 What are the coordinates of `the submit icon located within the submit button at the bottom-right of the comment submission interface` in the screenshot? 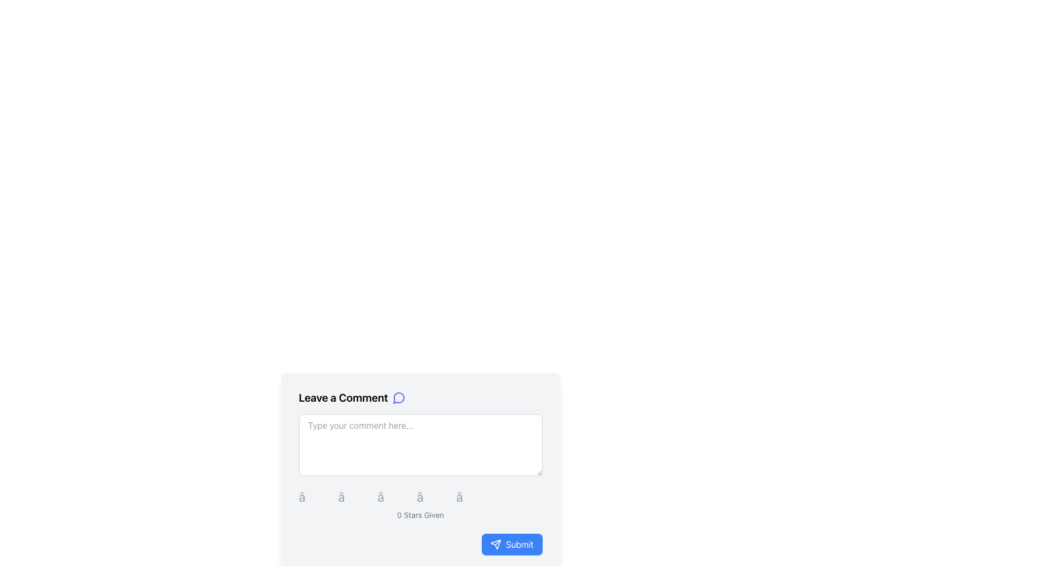 It's located at (495, 545).